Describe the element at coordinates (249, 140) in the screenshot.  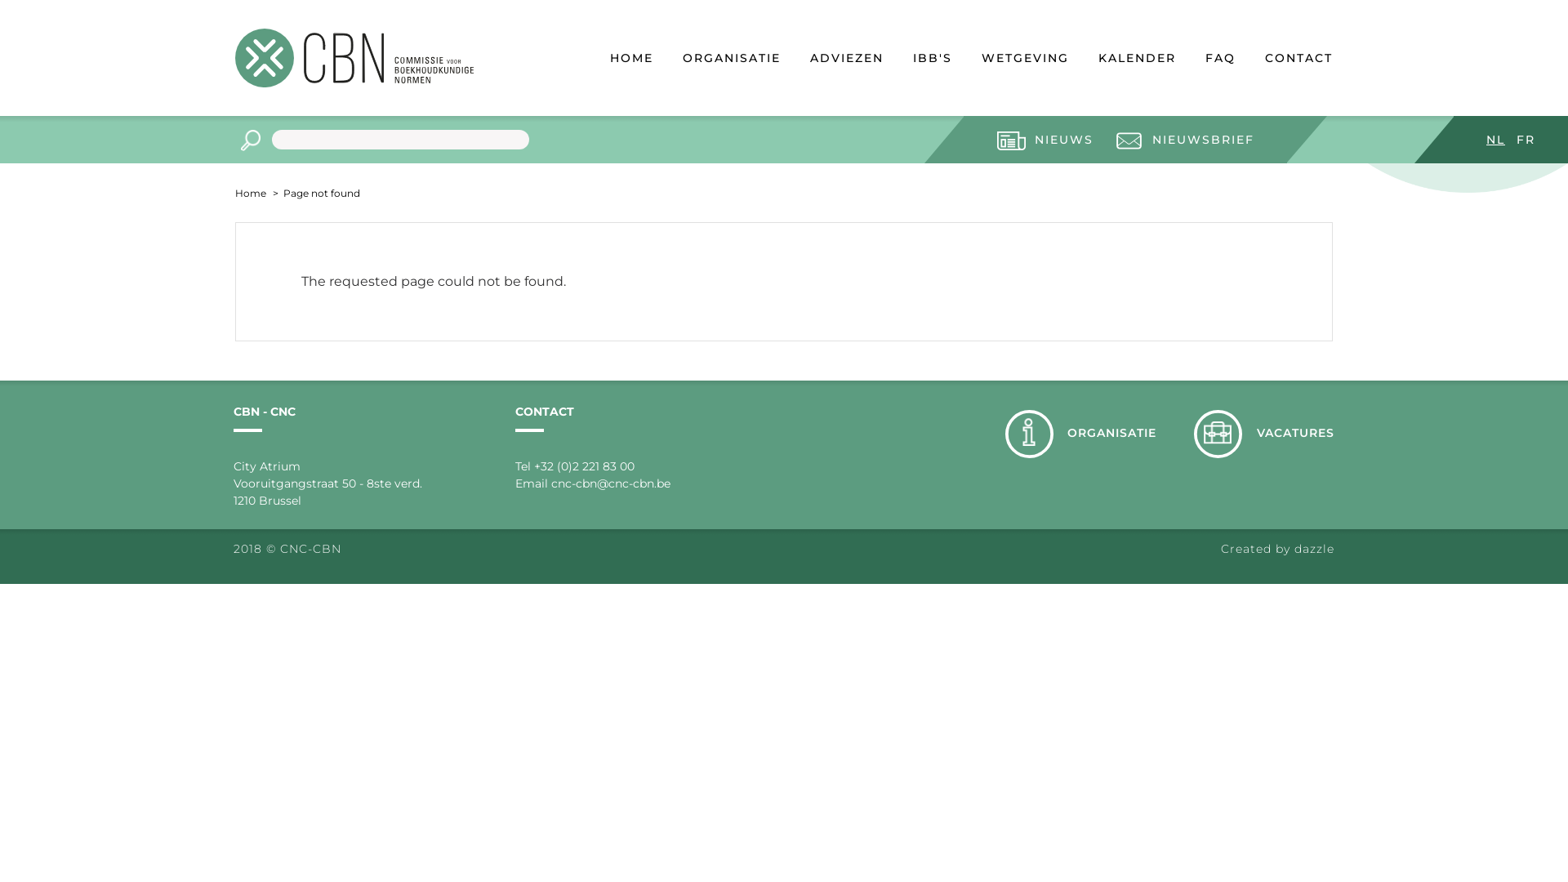
I see `'Apply'` at that location.